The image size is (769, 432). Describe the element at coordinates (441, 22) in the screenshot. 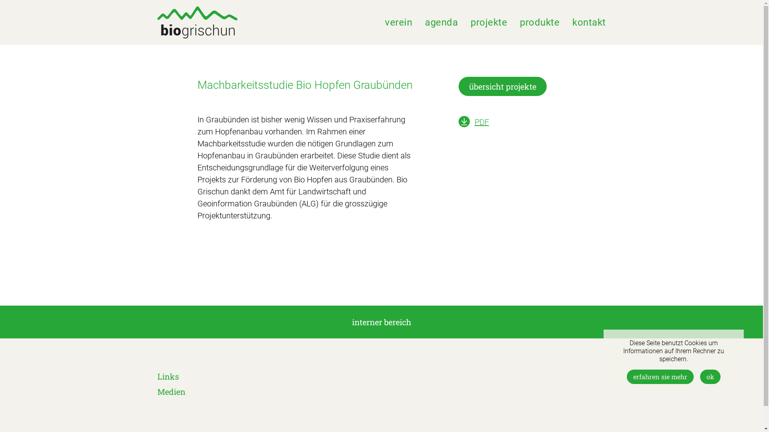

I see `'agenda'` at that location.